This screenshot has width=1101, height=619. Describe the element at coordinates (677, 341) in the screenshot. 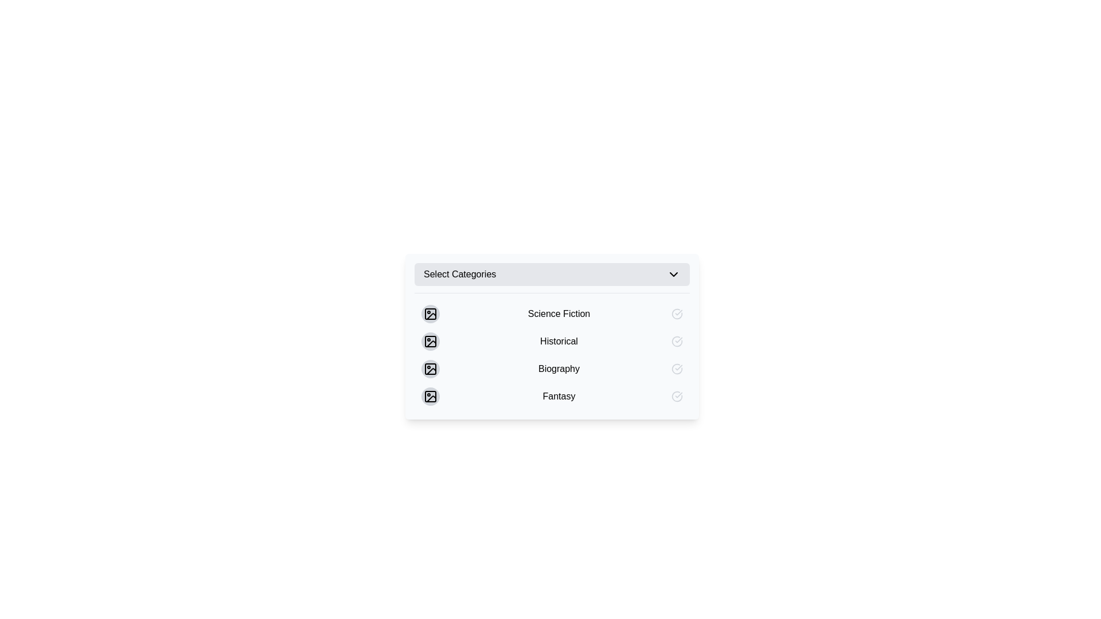

I see `the grayish circular SVG icon representing a checkmark in the 'Historical' category selection row` at that location.